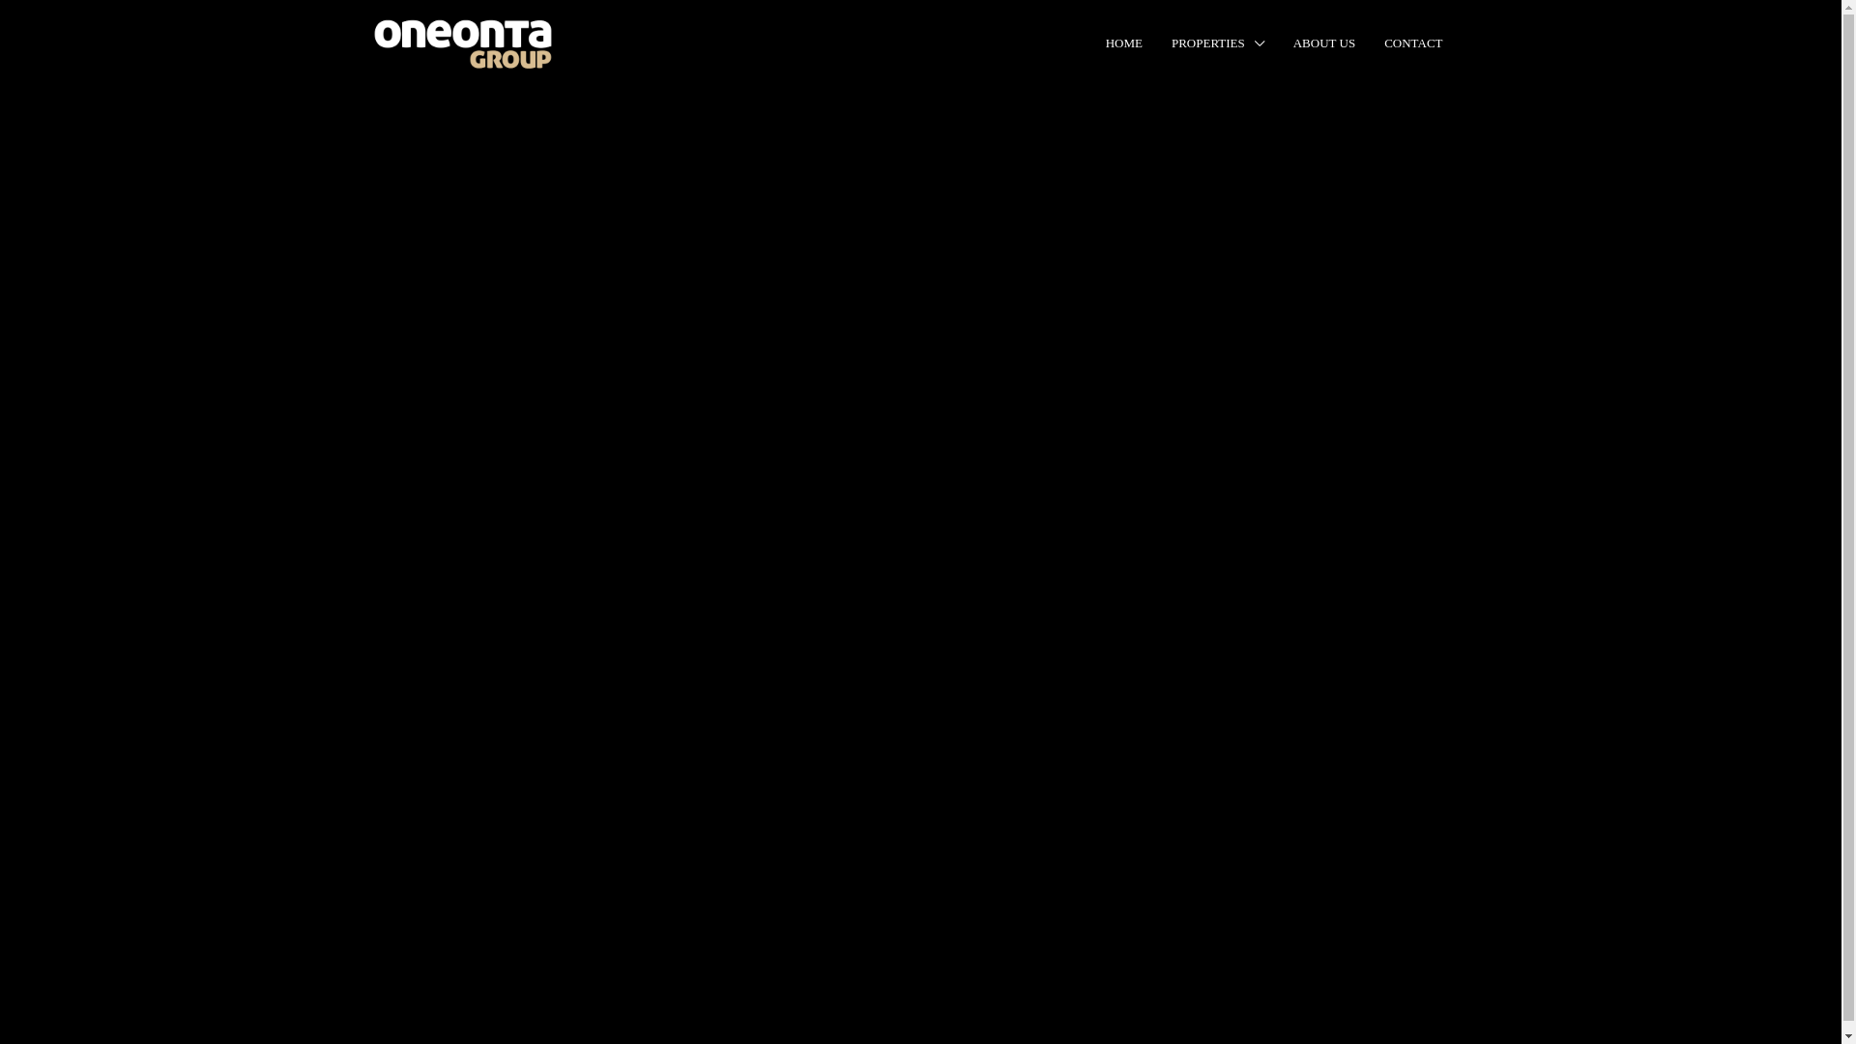 Image resolution: width=1856 pixels, height=1044 pixels. Describe the element at coordinates (1413, 43) in the screenshot. I see `'CONTACT'` at that location.